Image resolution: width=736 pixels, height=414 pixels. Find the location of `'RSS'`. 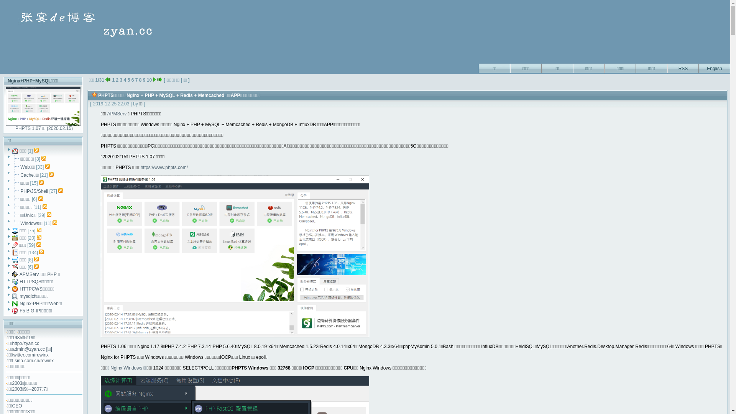

'RSS' is located at coordinates (683, 67).